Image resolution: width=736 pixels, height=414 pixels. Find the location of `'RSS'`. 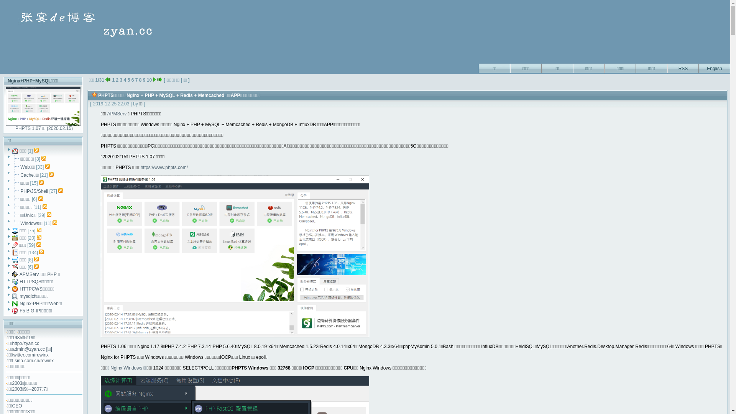

'RSS' is located at coordinates (683, 67).